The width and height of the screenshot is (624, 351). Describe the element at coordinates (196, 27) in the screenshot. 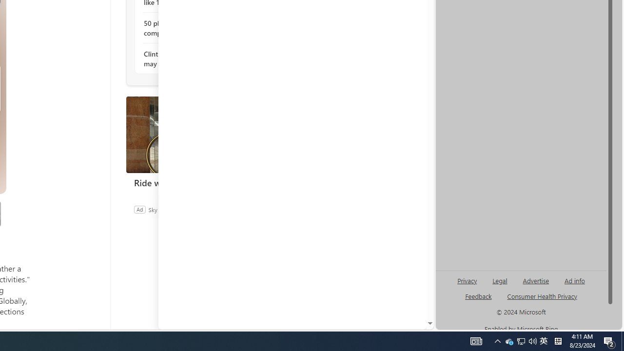

I see `'50 photos that show companionship in the animal kingdom'` at that location.